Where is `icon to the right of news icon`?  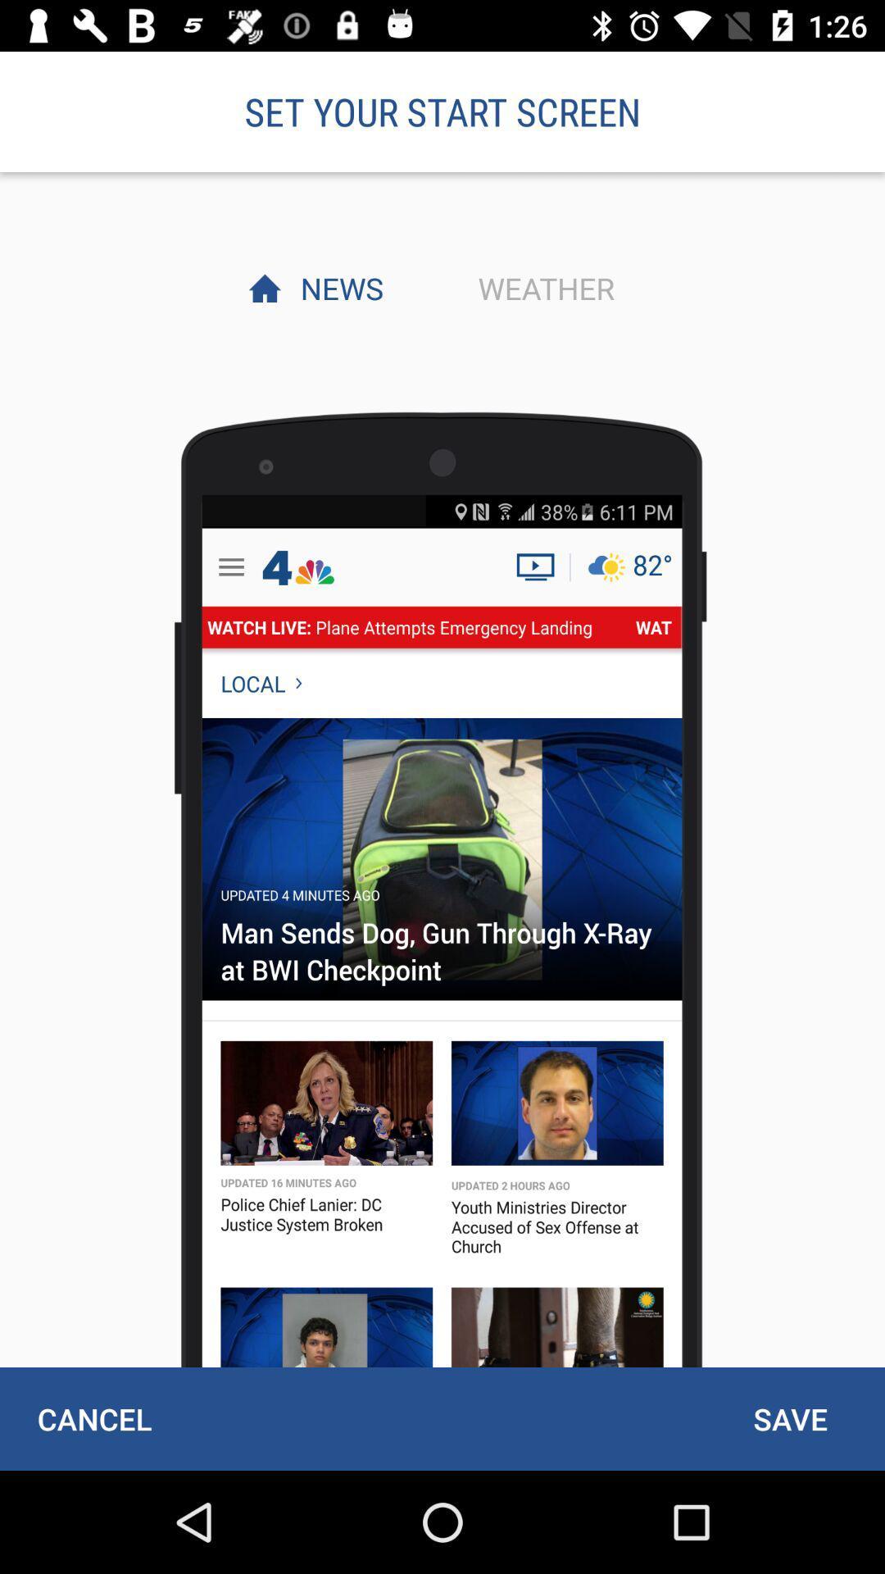 icon to the right of news icon is located at coordinates (542, 288).